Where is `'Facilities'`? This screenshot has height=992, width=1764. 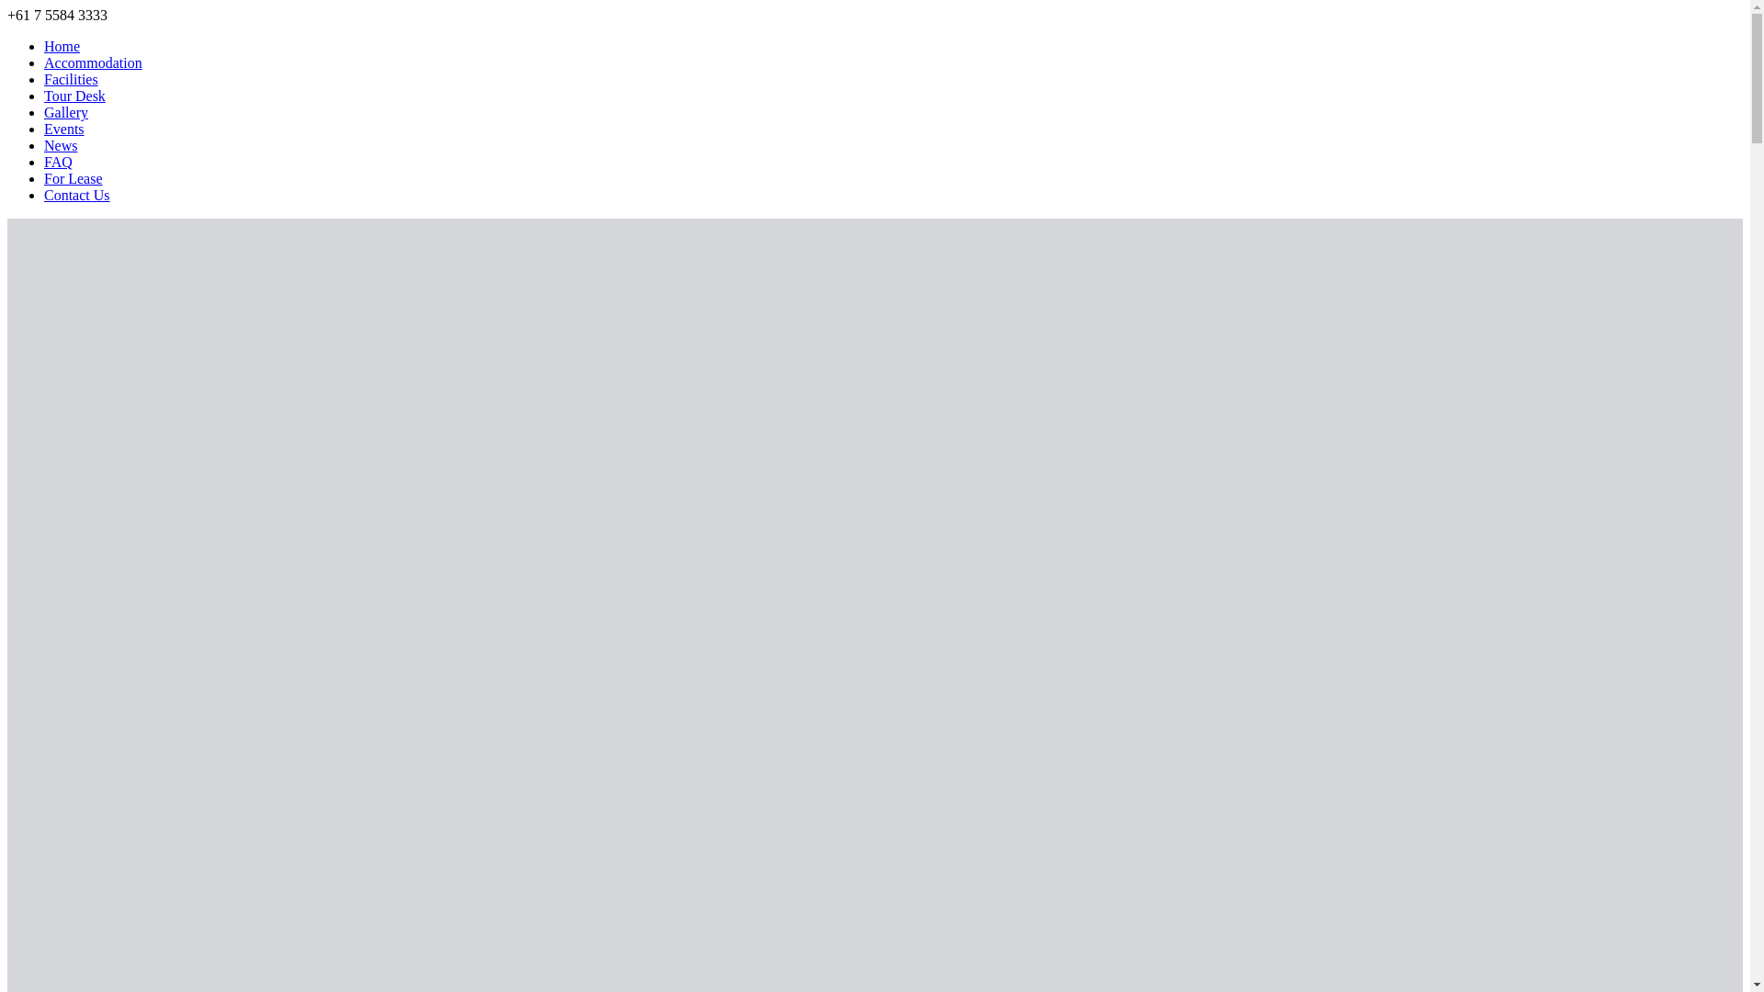 'Facilities' is located at coordinates (71, 78).